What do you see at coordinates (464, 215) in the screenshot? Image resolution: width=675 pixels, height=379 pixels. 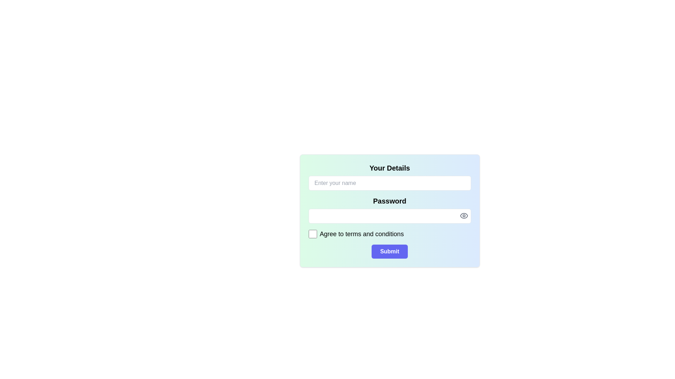 I see `the password visibility toggle button located in the upper-right corner of the password input field to change its styling` at bounding box center [464, 215].